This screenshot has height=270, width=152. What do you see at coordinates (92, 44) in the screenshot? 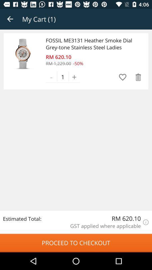
I see `the fossil me3131 heather item` at bounding box center [92, 44].